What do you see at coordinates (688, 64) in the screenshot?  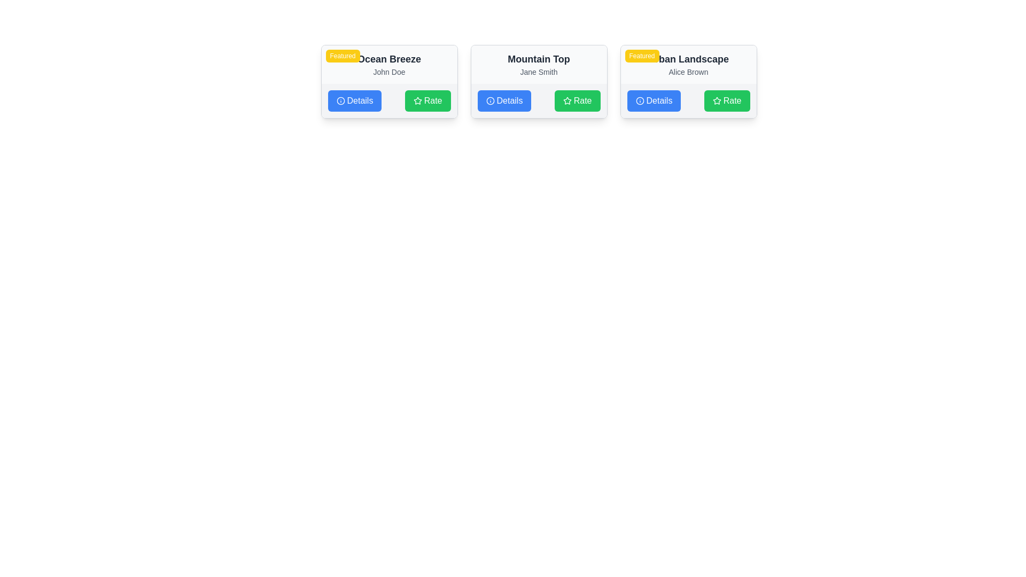 I see `the Text display area that shows 'Urban Landscape' and 'Alice Brown', located beneath the yellow 'Featured' badge` at bounding box center [688, 64].